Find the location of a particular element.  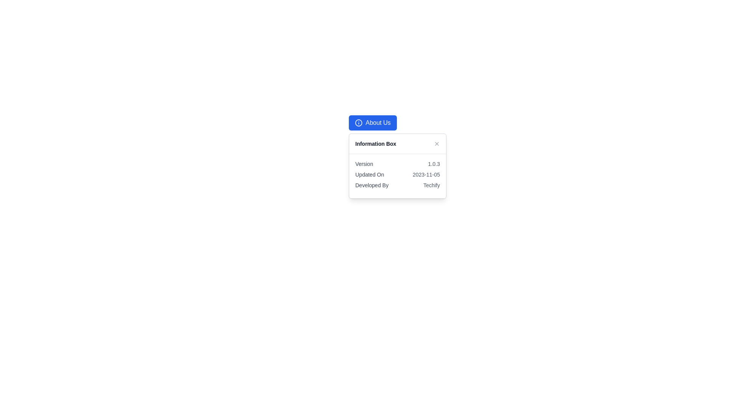

the static text label indicating 'Updated On', which is located in the middle section of the information card, specifically in the left column, adjacent to the date value '2023-11-05' is located at coordinates (369, 175).